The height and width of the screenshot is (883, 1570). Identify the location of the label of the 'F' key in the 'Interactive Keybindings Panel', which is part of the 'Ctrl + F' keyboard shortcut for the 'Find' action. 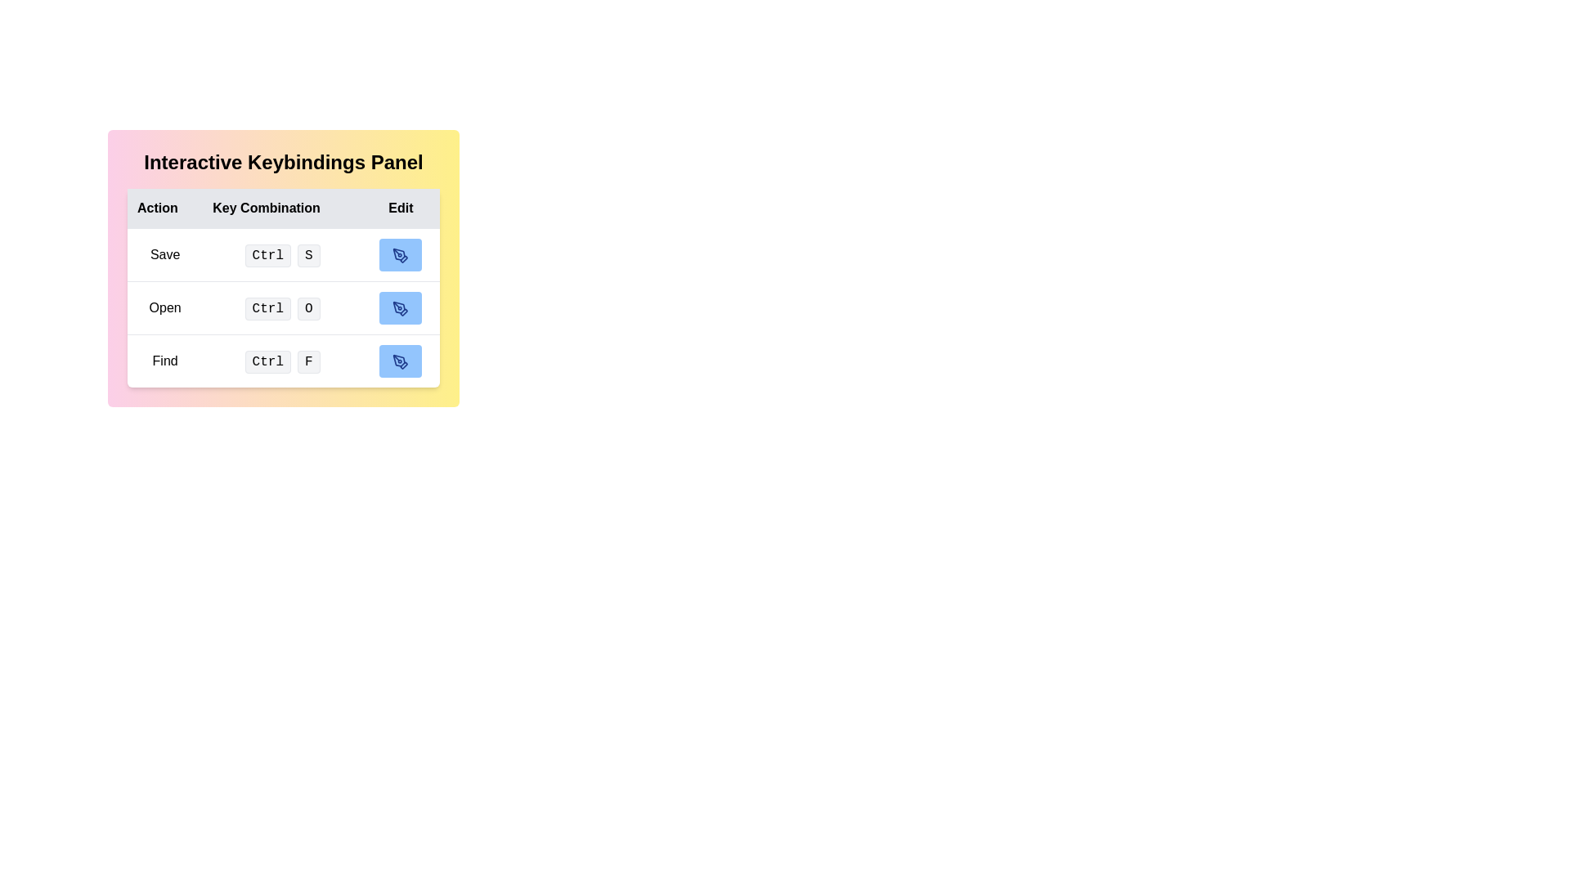
(308, 361).